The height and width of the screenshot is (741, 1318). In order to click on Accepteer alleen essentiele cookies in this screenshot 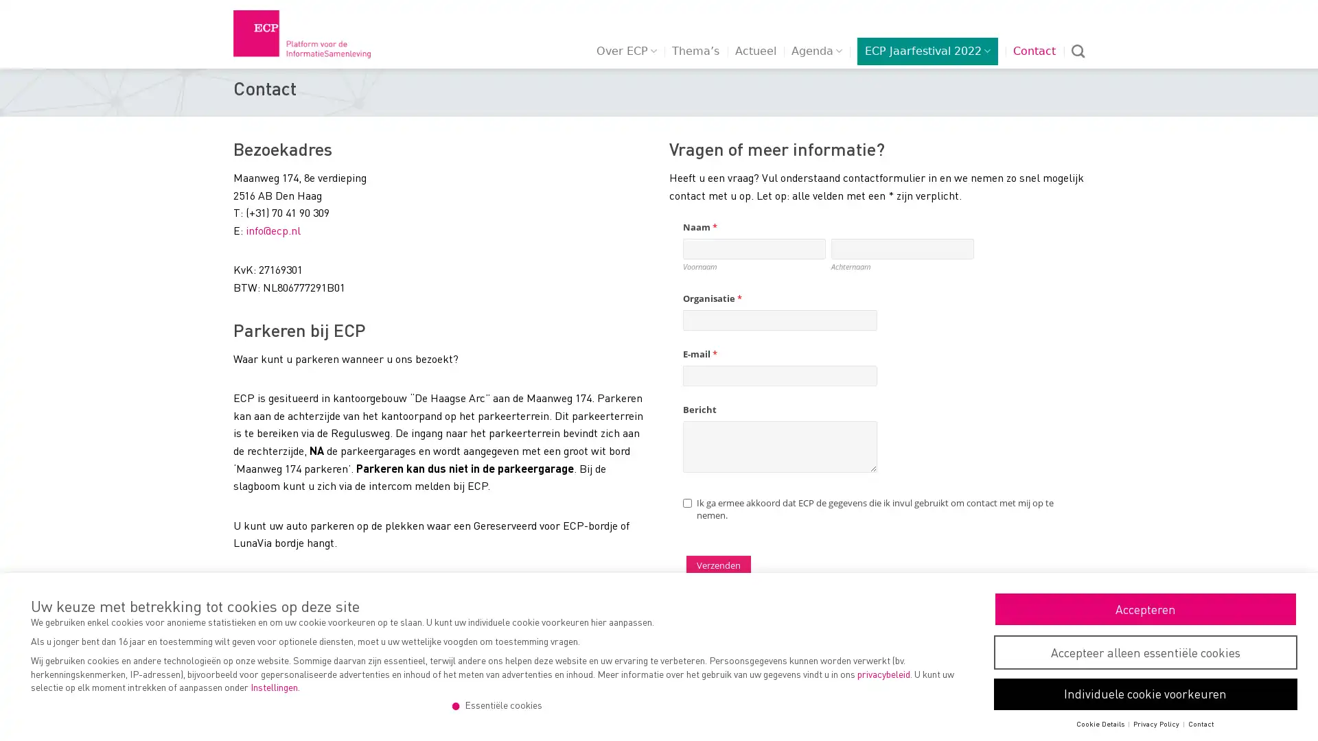, I will do `click(1145, 652)`.